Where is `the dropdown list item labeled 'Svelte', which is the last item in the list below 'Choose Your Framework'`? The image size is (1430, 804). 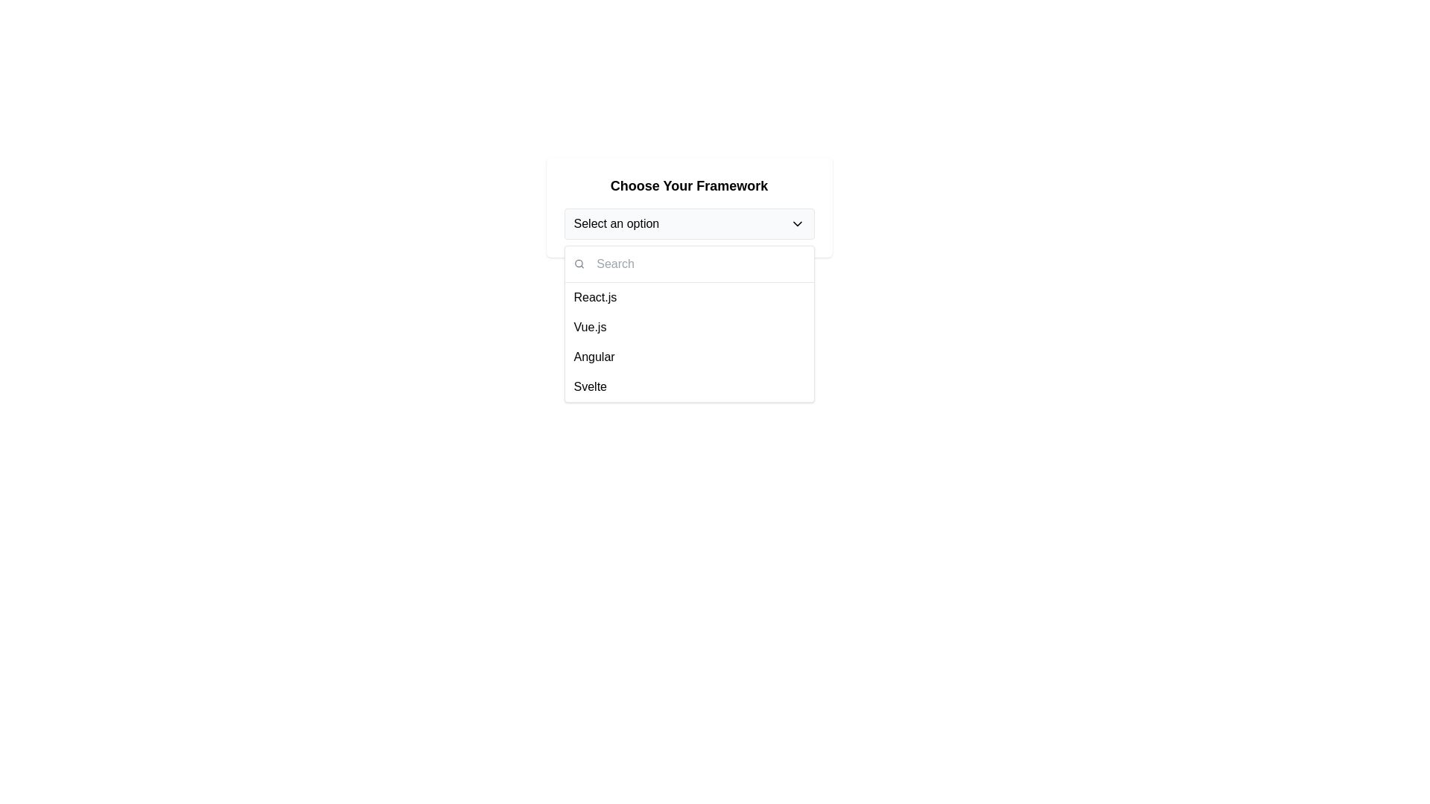 the dropdown list item labeled 'Svelte', which is the last item in the list below 'Choose Your Framework' is located at coordinates (688, 386).